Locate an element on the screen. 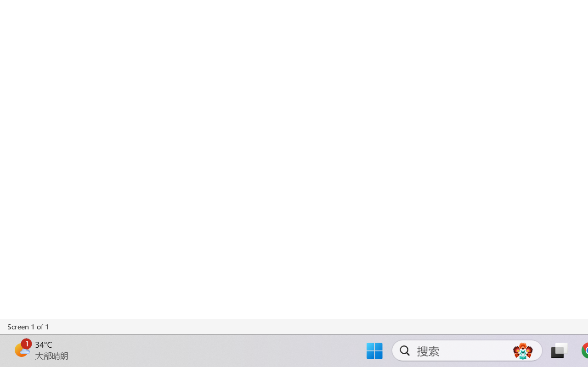 Image resolution: width=588 pixels, height=367 pixels. 'AutomationID: DynamicSearchBoxGleamImage' is located at coordinates (523, 350).